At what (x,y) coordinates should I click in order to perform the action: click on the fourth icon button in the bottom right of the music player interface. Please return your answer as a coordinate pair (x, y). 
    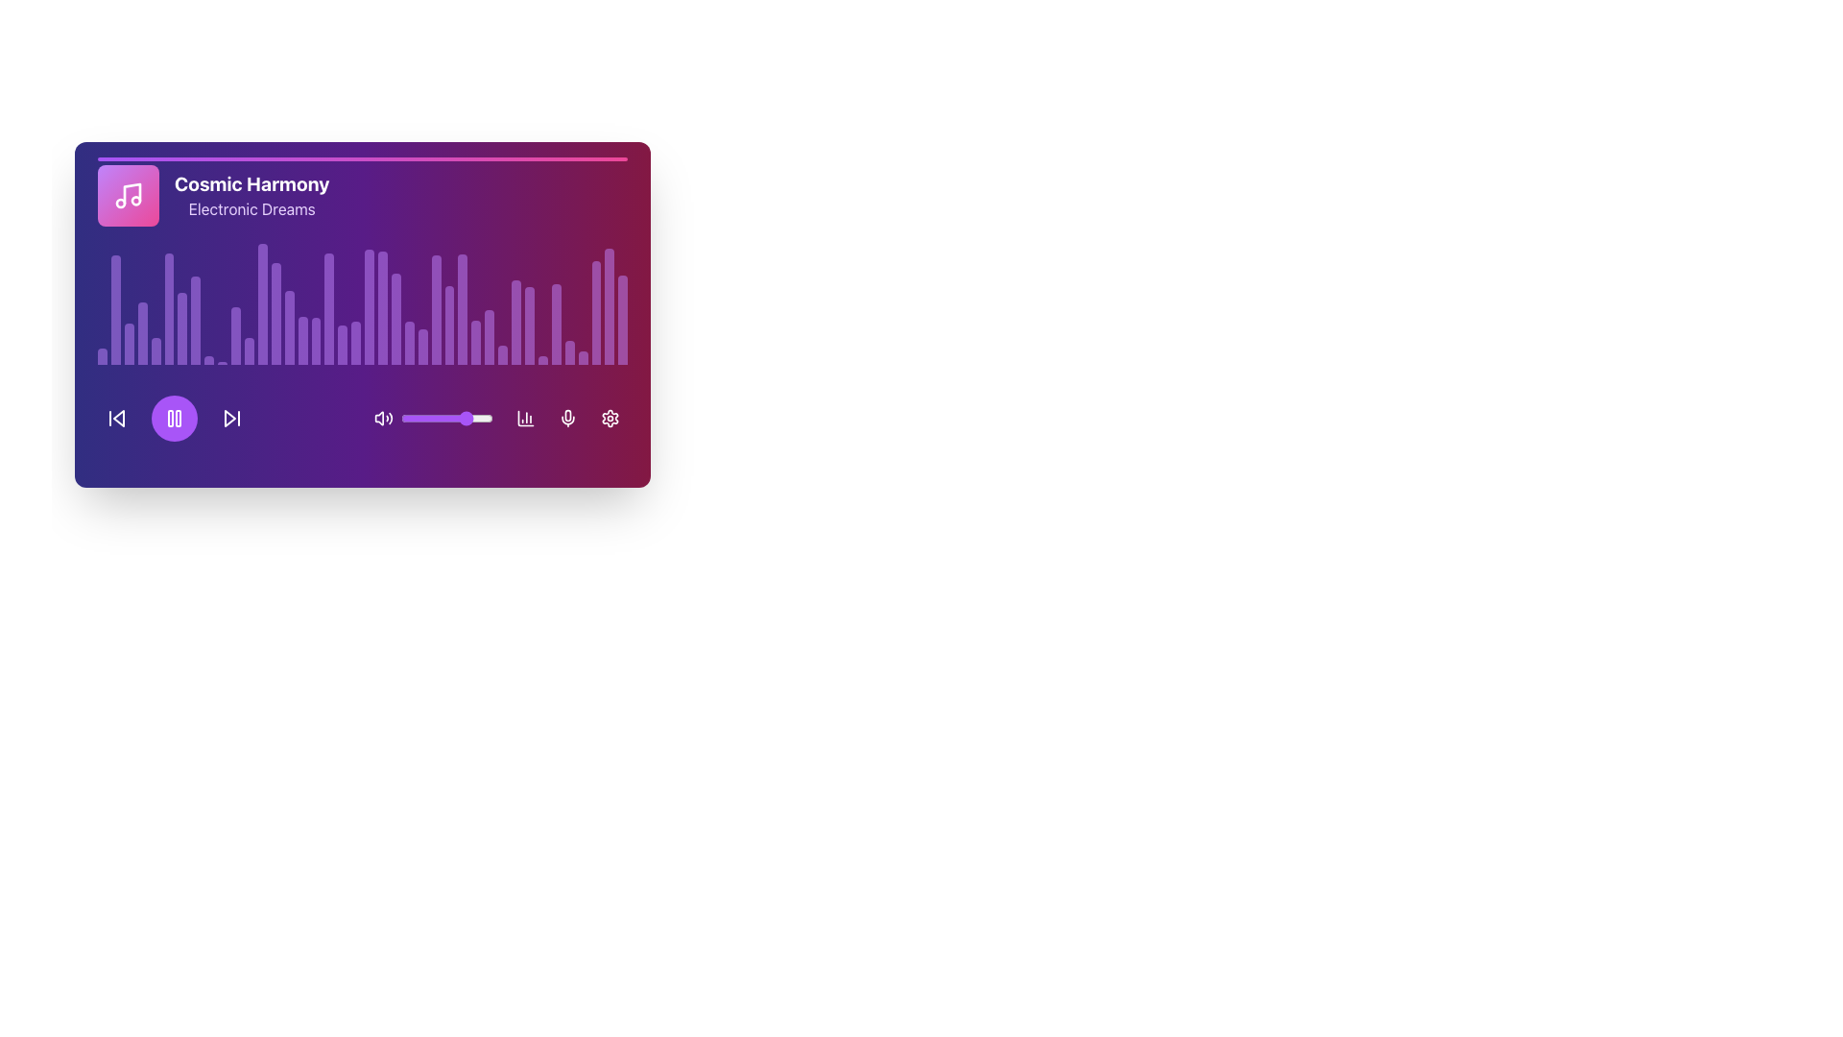
    Looking at the image, I should click on (525, 417).